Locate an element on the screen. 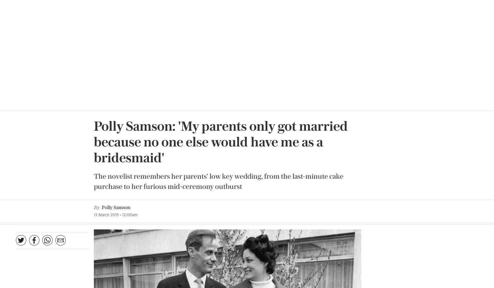 Image resolution: width=494 pixels, height=288 pixels. 'Polly Samson’s new novel,' is located at coordinates (129, 160).